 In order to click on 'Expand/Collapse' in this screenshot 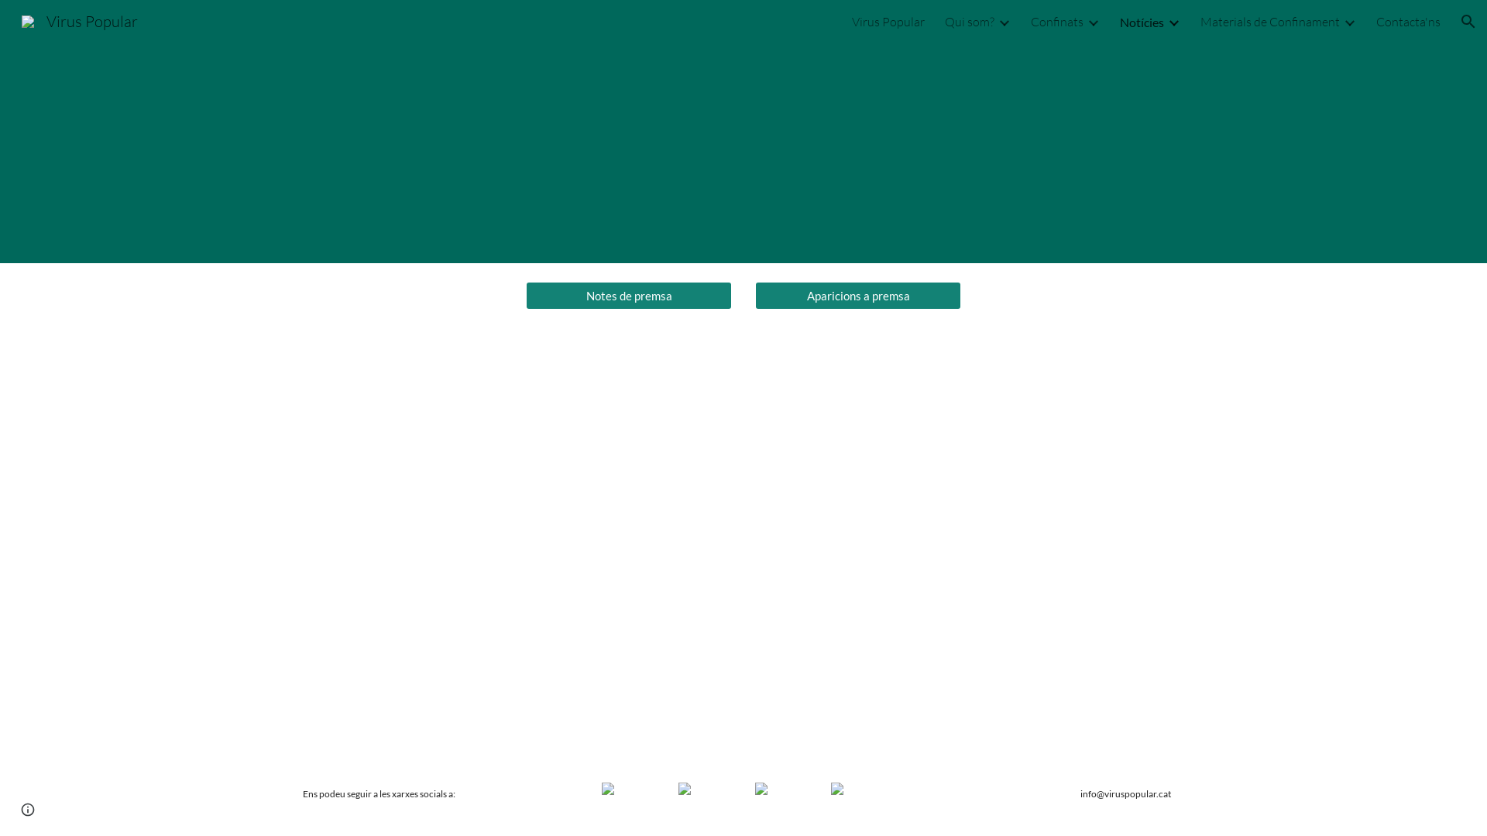, I will do `click(1092, 21)`.